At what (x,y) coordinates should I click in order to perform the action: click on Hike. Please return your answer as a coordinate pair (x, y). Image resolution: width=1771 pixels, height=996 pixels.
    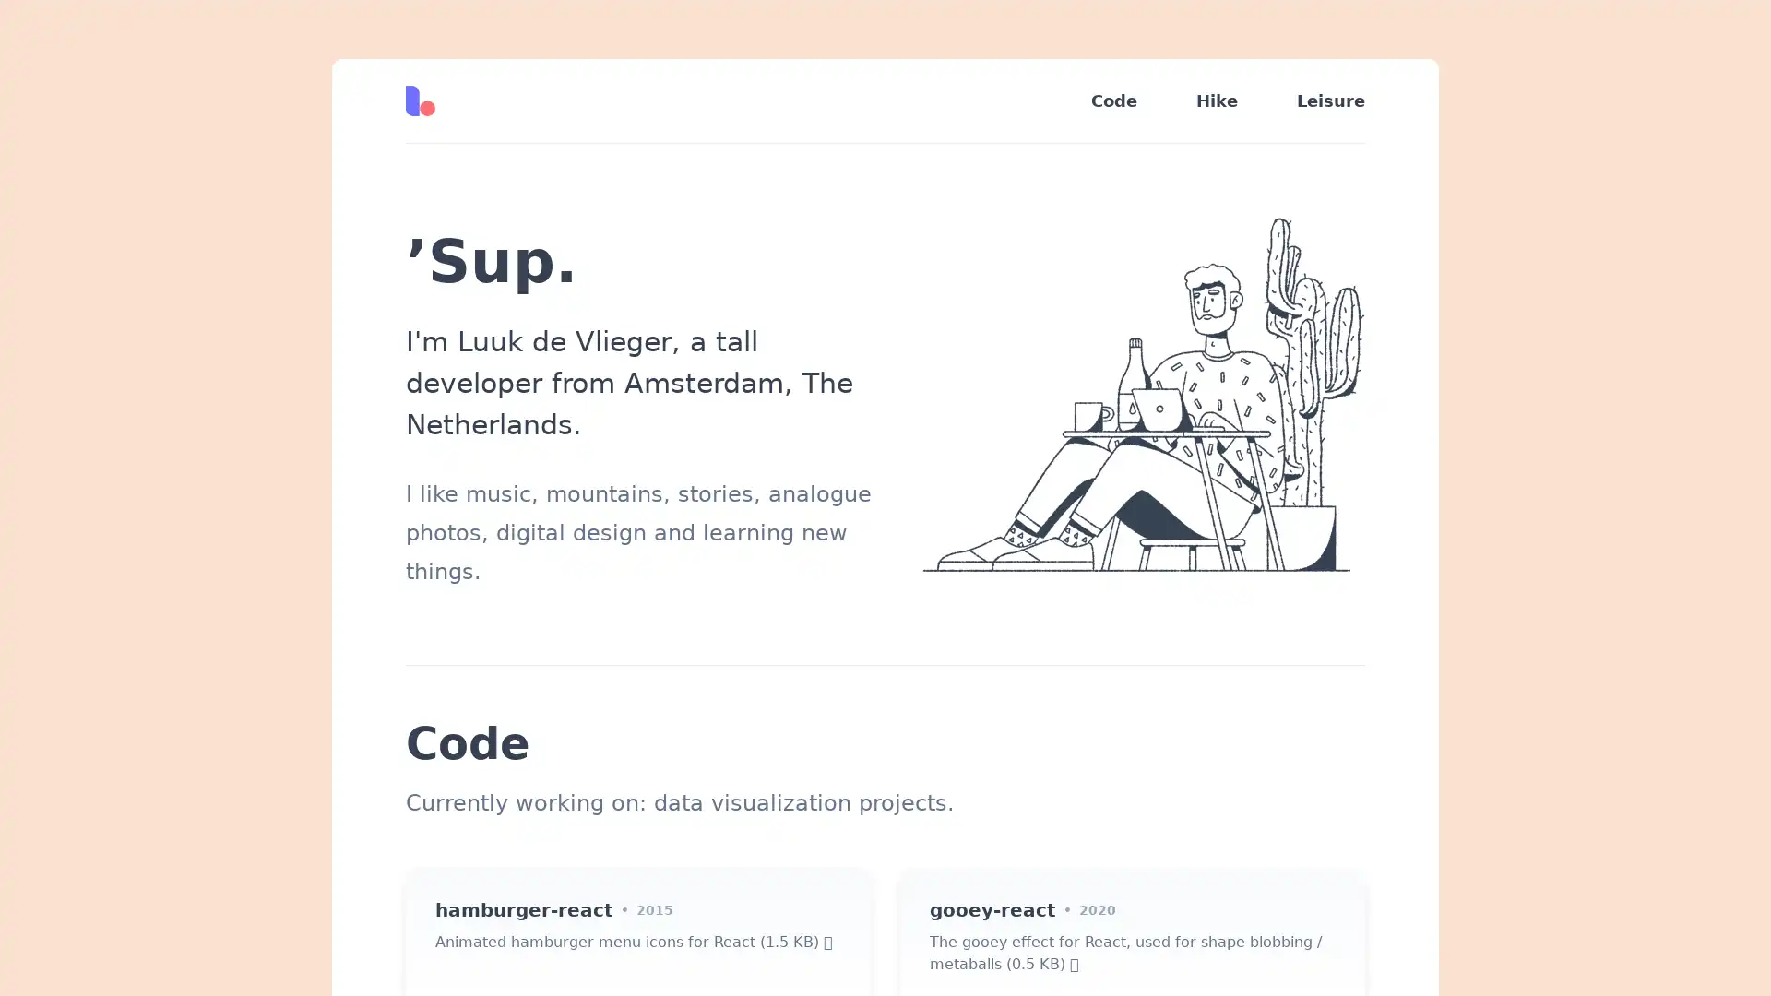
    Looking at the image, I should click on (1217, 101).